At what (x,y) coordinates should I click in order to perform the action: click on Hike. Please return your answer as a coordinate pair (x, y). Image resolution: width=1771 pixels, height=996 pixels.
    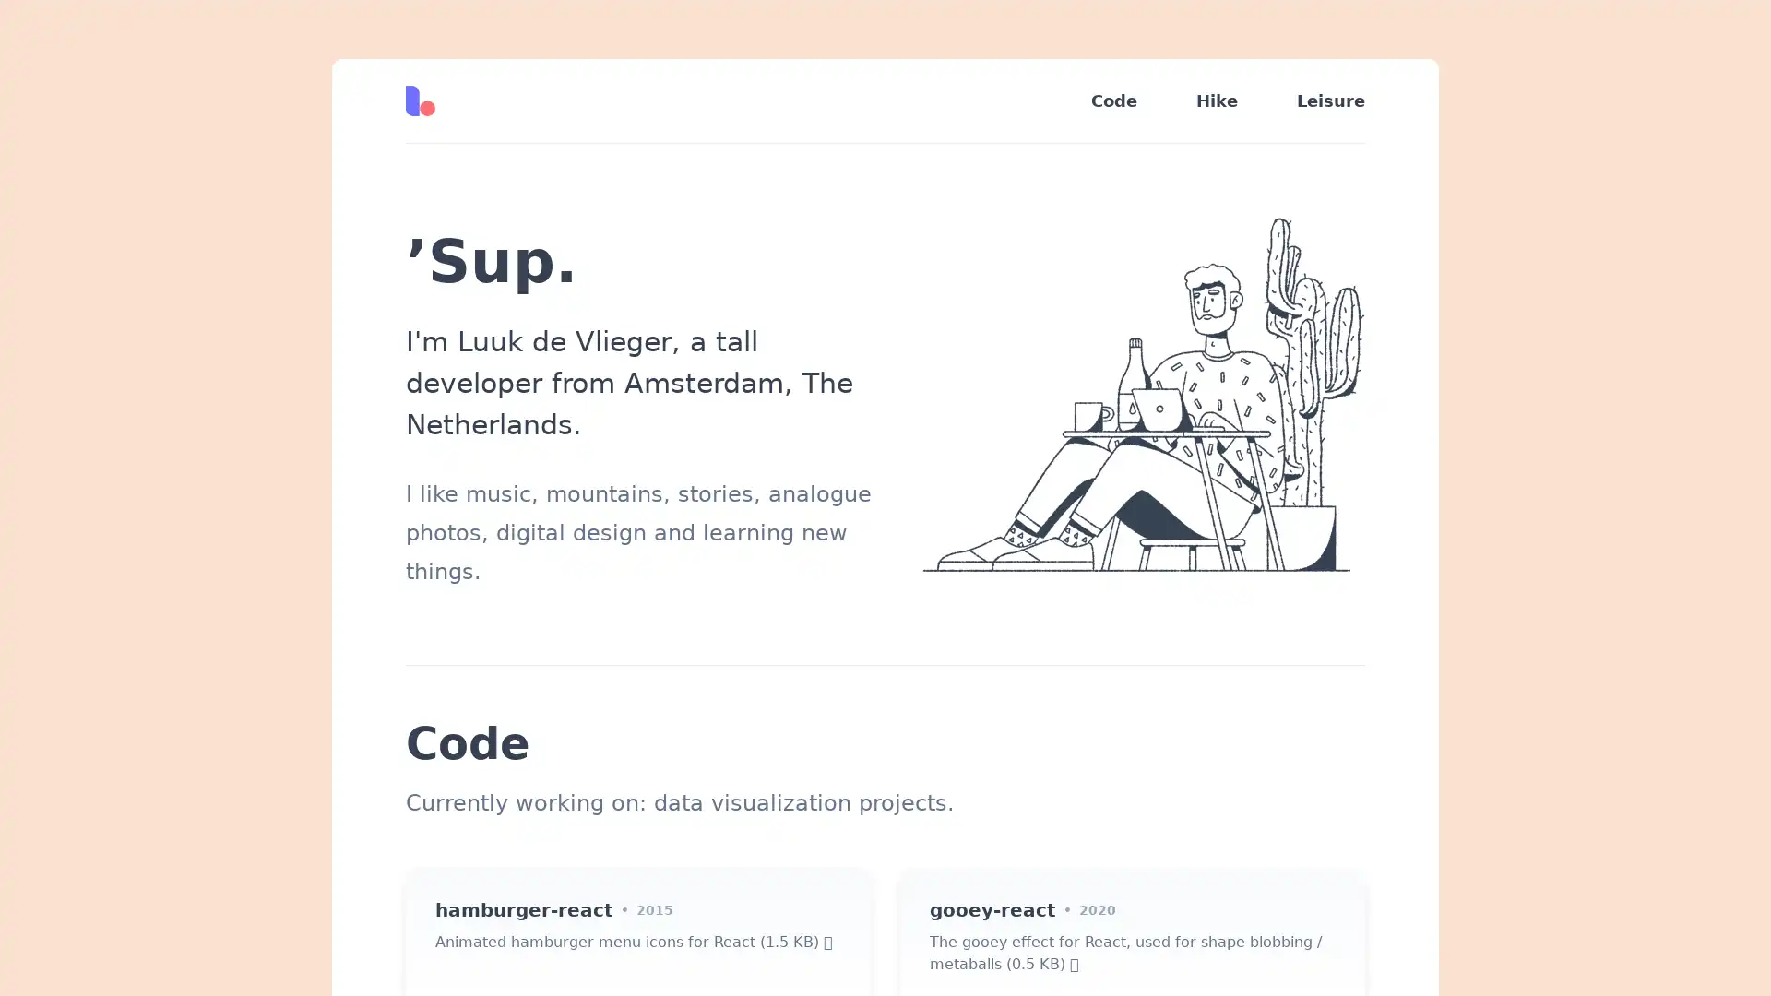
    Looking at the image, I should click on (1217, 101).